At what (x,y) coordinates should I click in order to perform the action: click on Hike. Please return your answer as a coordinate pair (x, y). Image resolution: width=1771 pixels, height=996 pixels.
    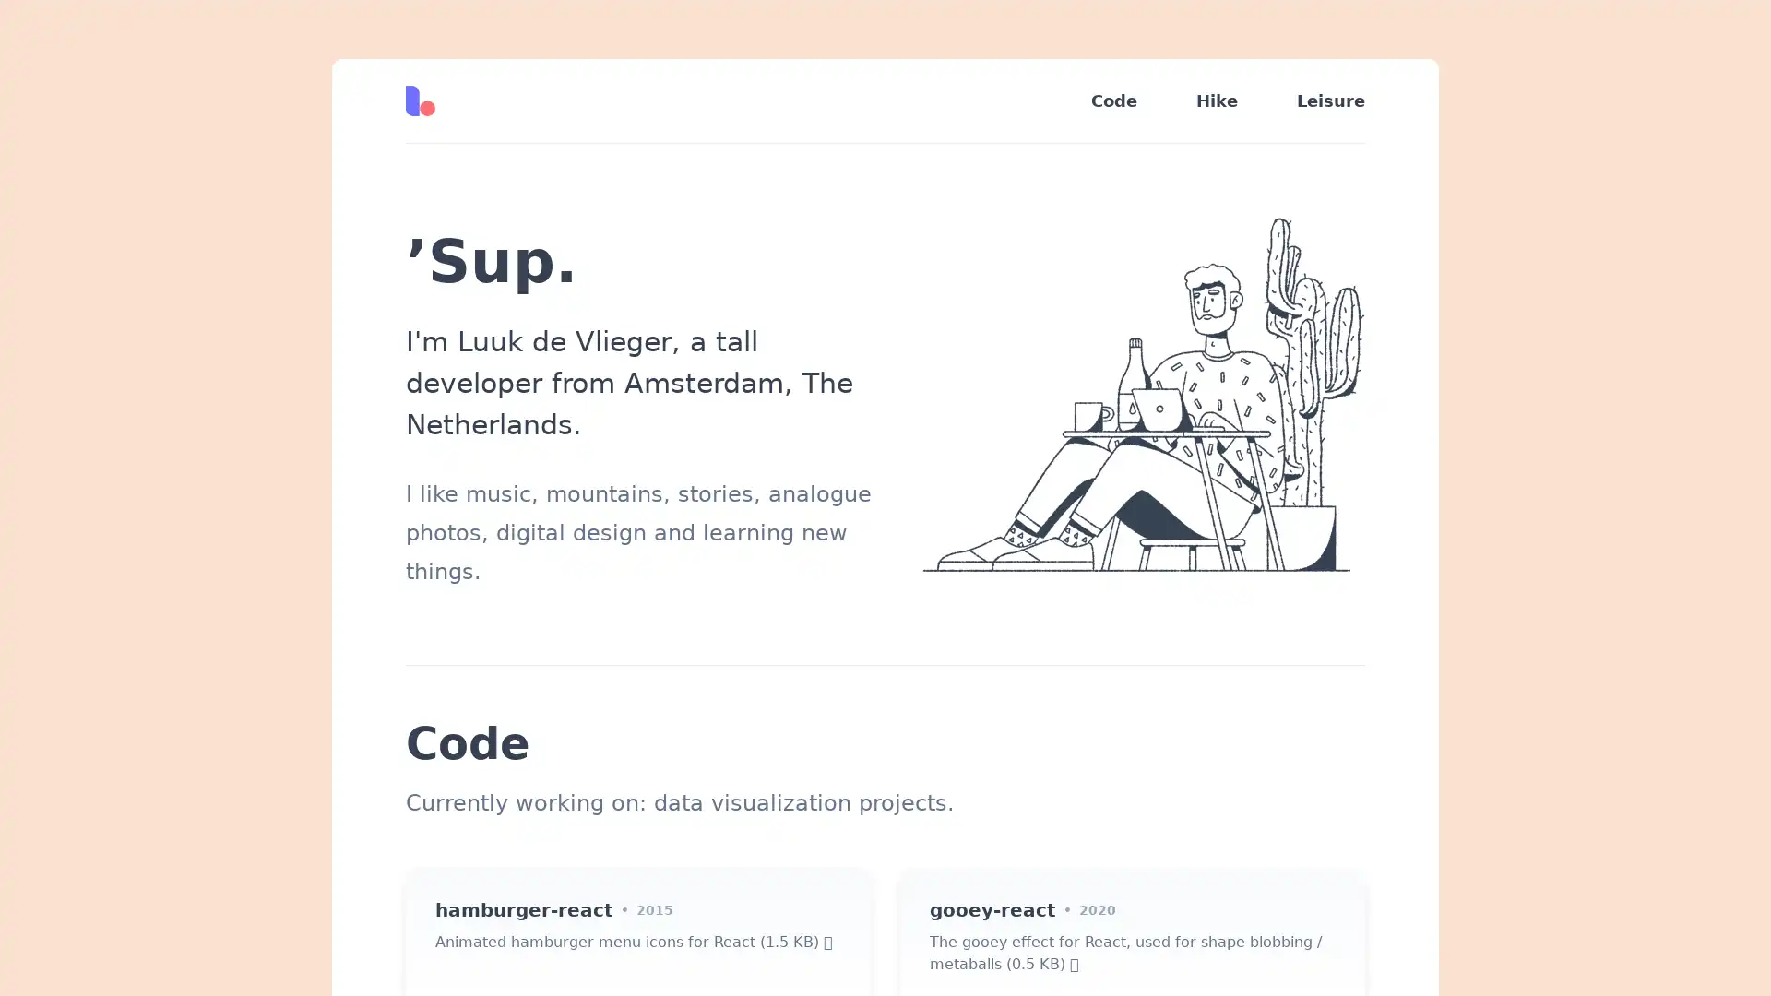
    Looking at the image, I should click on (1217, 101).